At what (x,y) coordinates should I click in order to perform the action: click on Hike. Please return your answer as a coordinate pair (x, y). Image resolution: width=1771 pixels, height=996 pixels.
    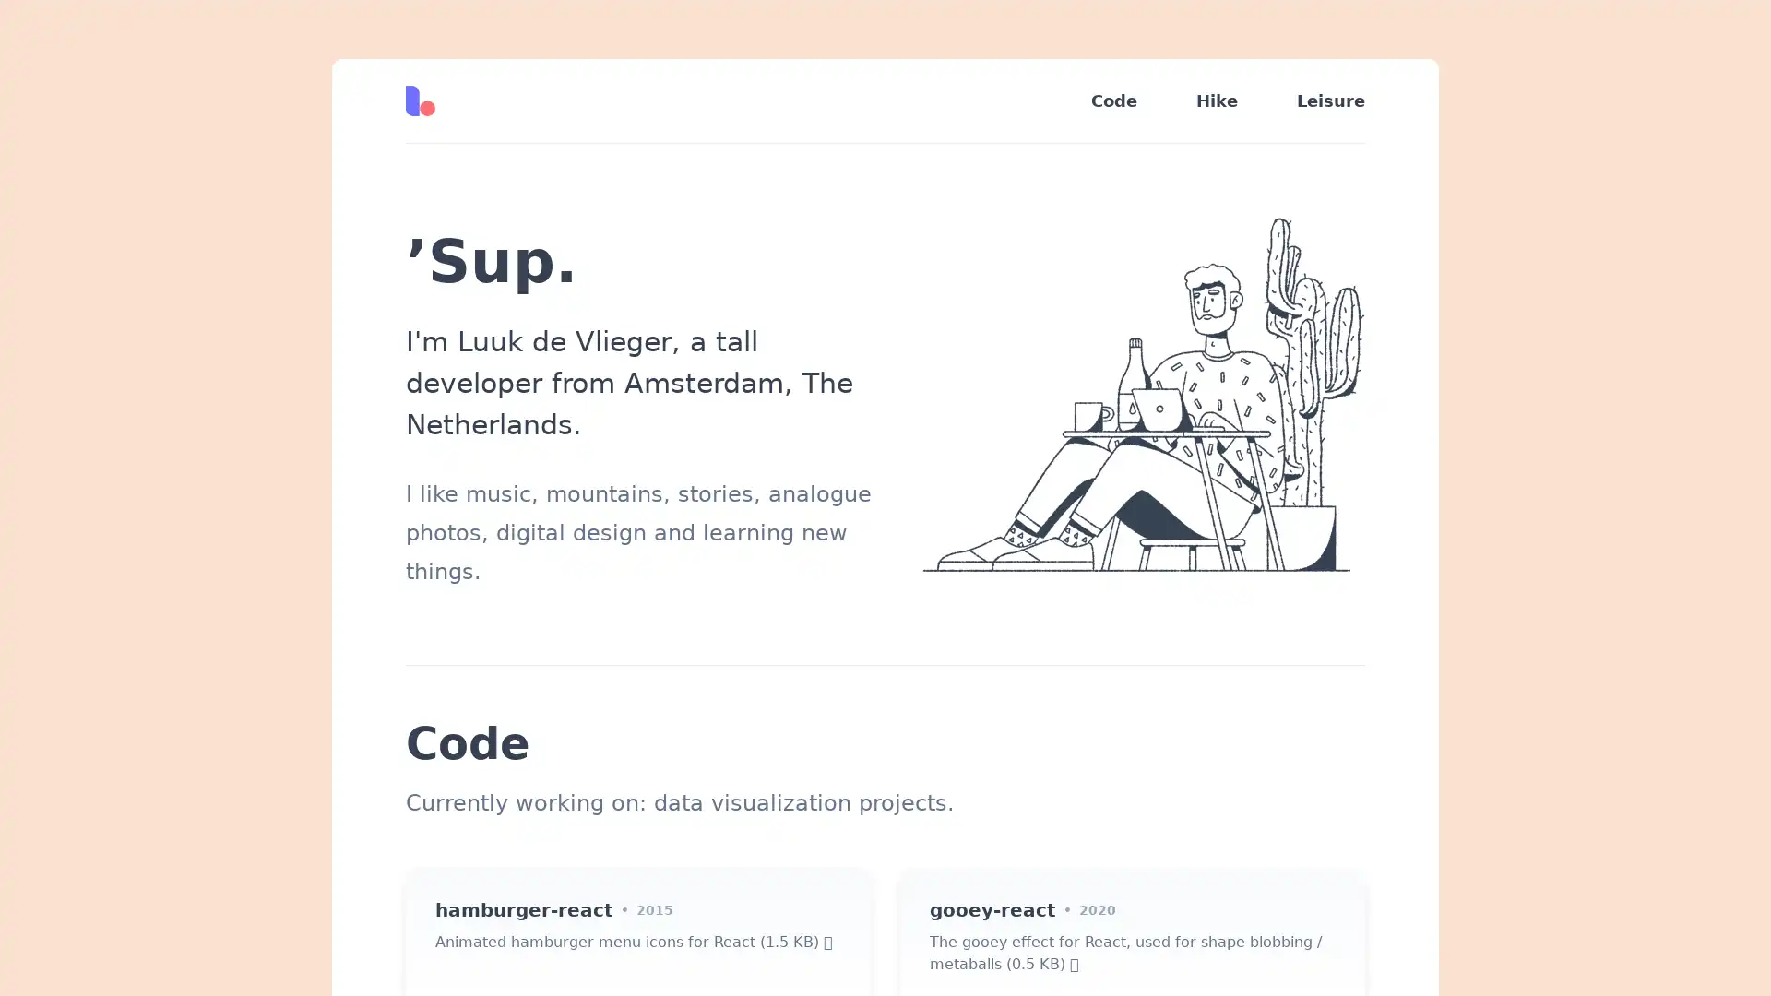
    Looking at the image, I should click on (1217, 101).